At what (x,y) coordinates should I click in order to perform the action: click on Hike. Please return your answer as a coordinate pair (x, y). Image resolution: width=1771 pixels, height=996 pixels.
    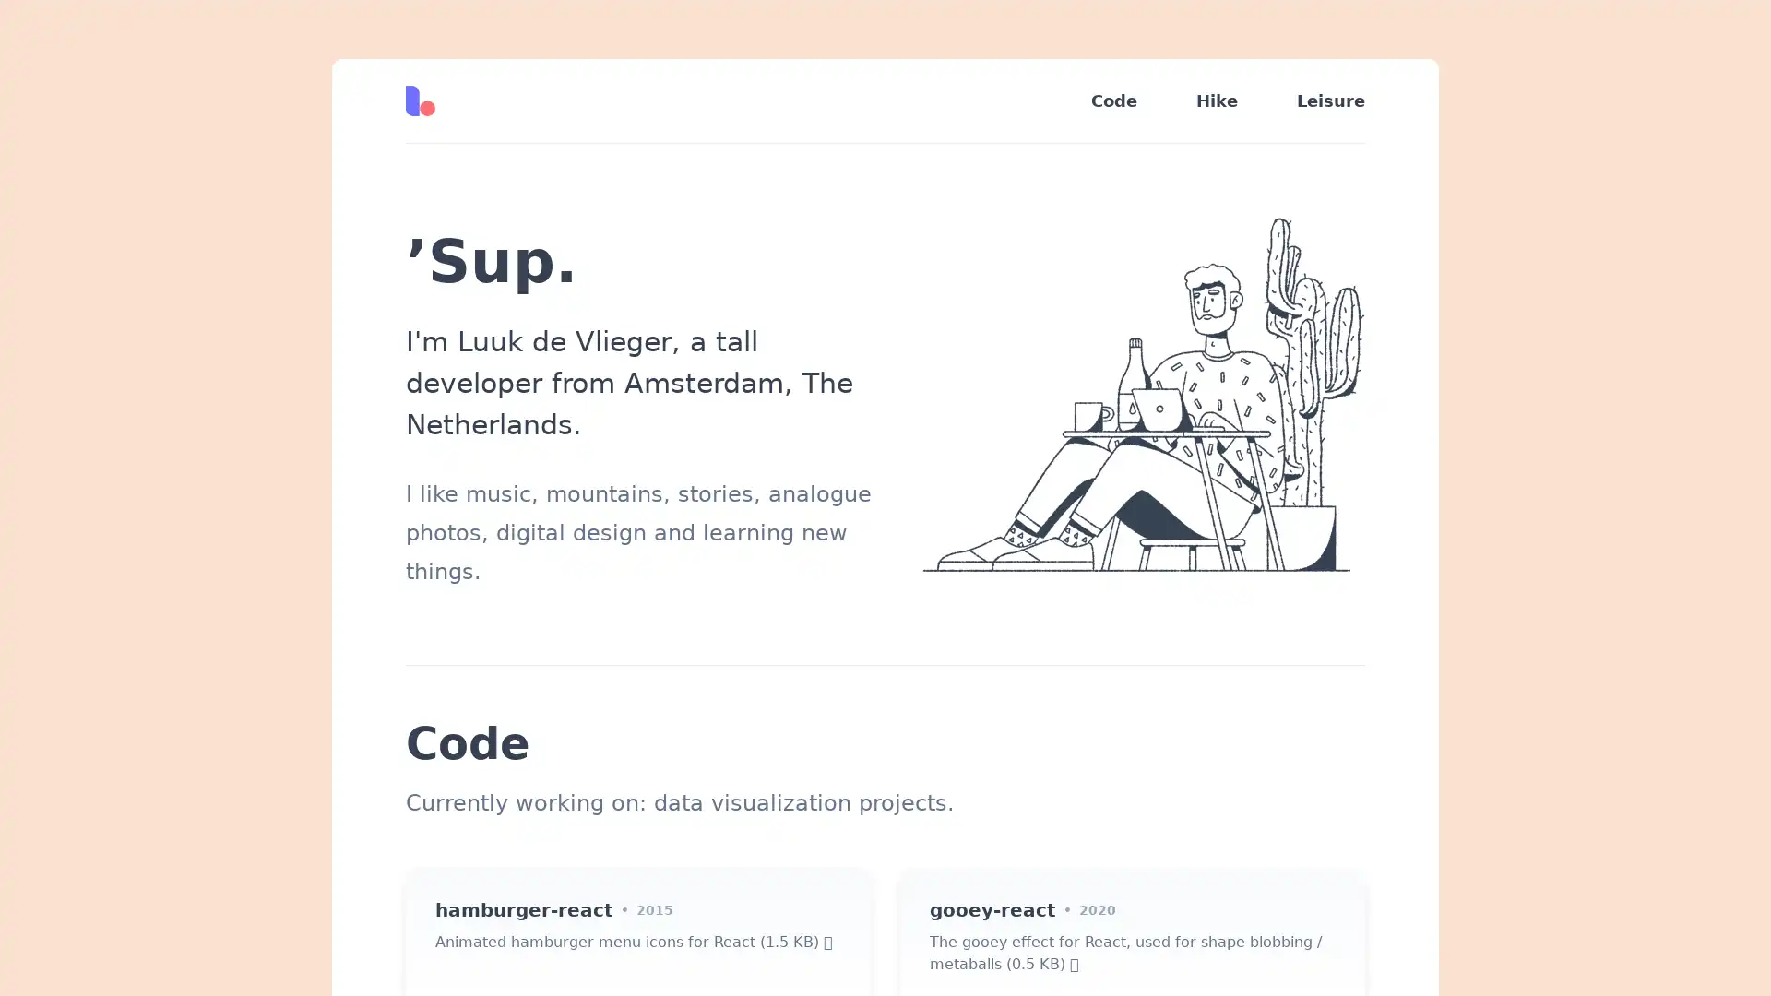
    Looking at the image, I should click on (1217, 101).